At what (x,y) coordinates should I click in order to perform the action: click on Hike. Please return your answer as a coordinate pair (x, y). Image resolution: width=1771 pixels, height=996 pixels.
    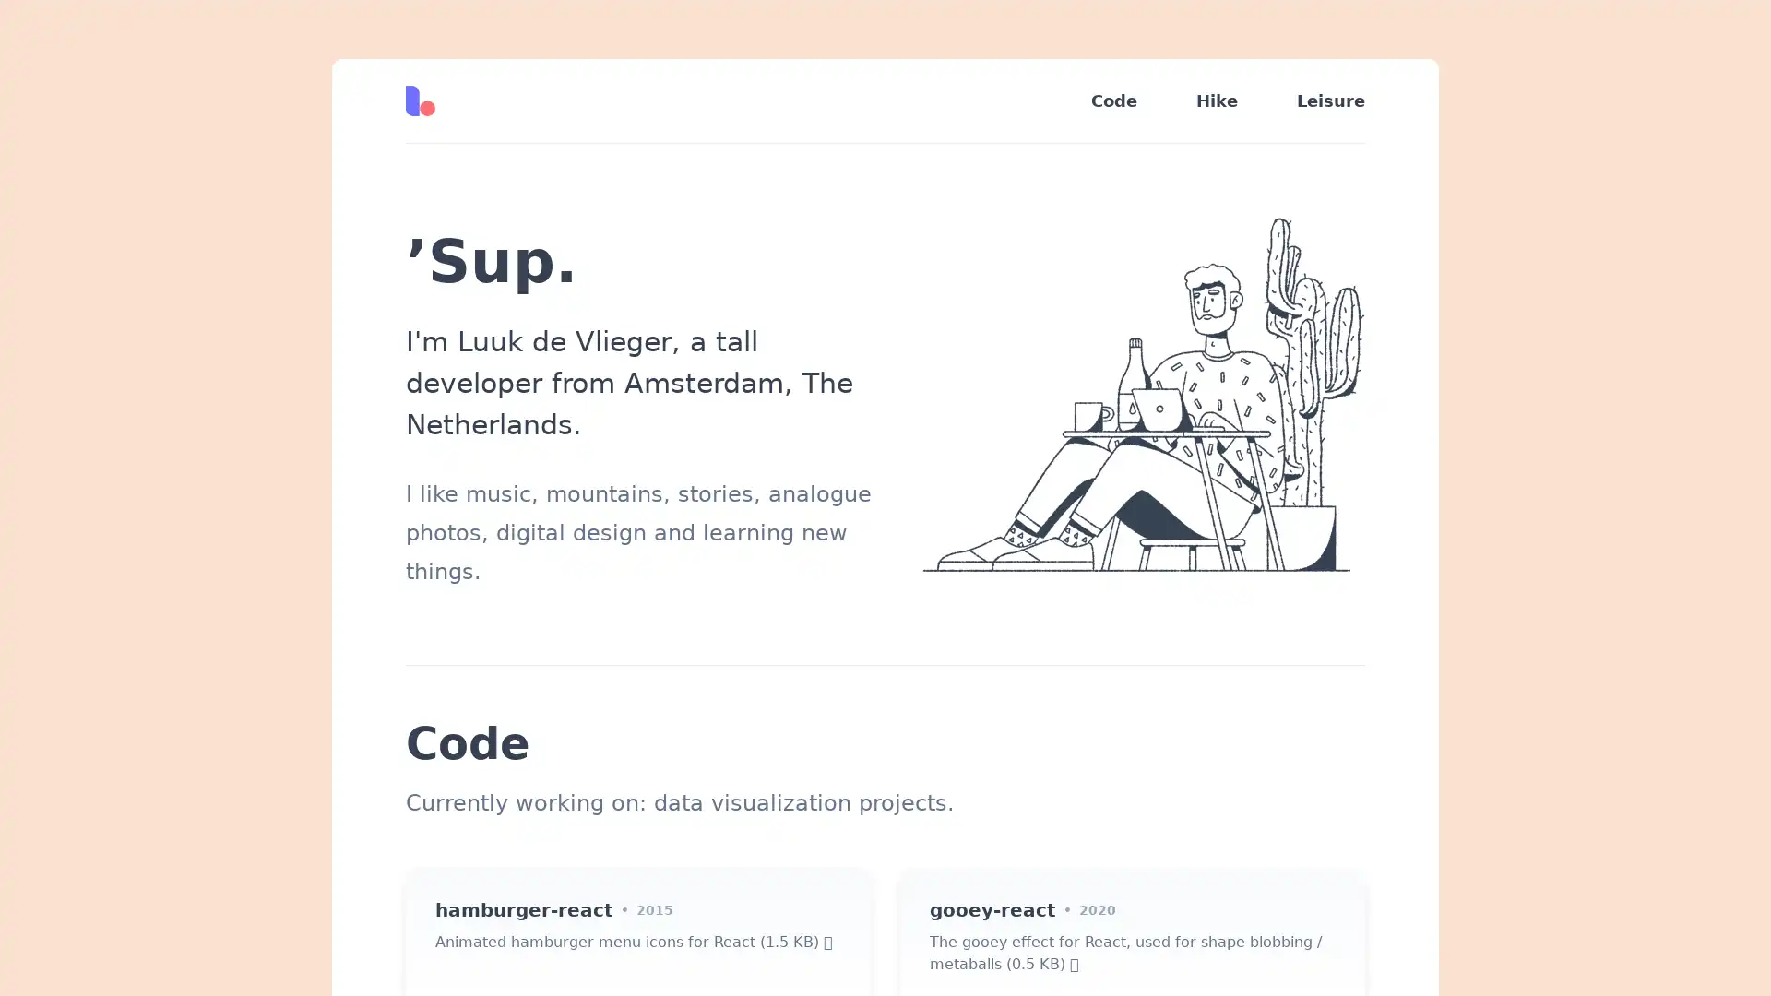
    Looking at the image, I should click on (1217, 101).